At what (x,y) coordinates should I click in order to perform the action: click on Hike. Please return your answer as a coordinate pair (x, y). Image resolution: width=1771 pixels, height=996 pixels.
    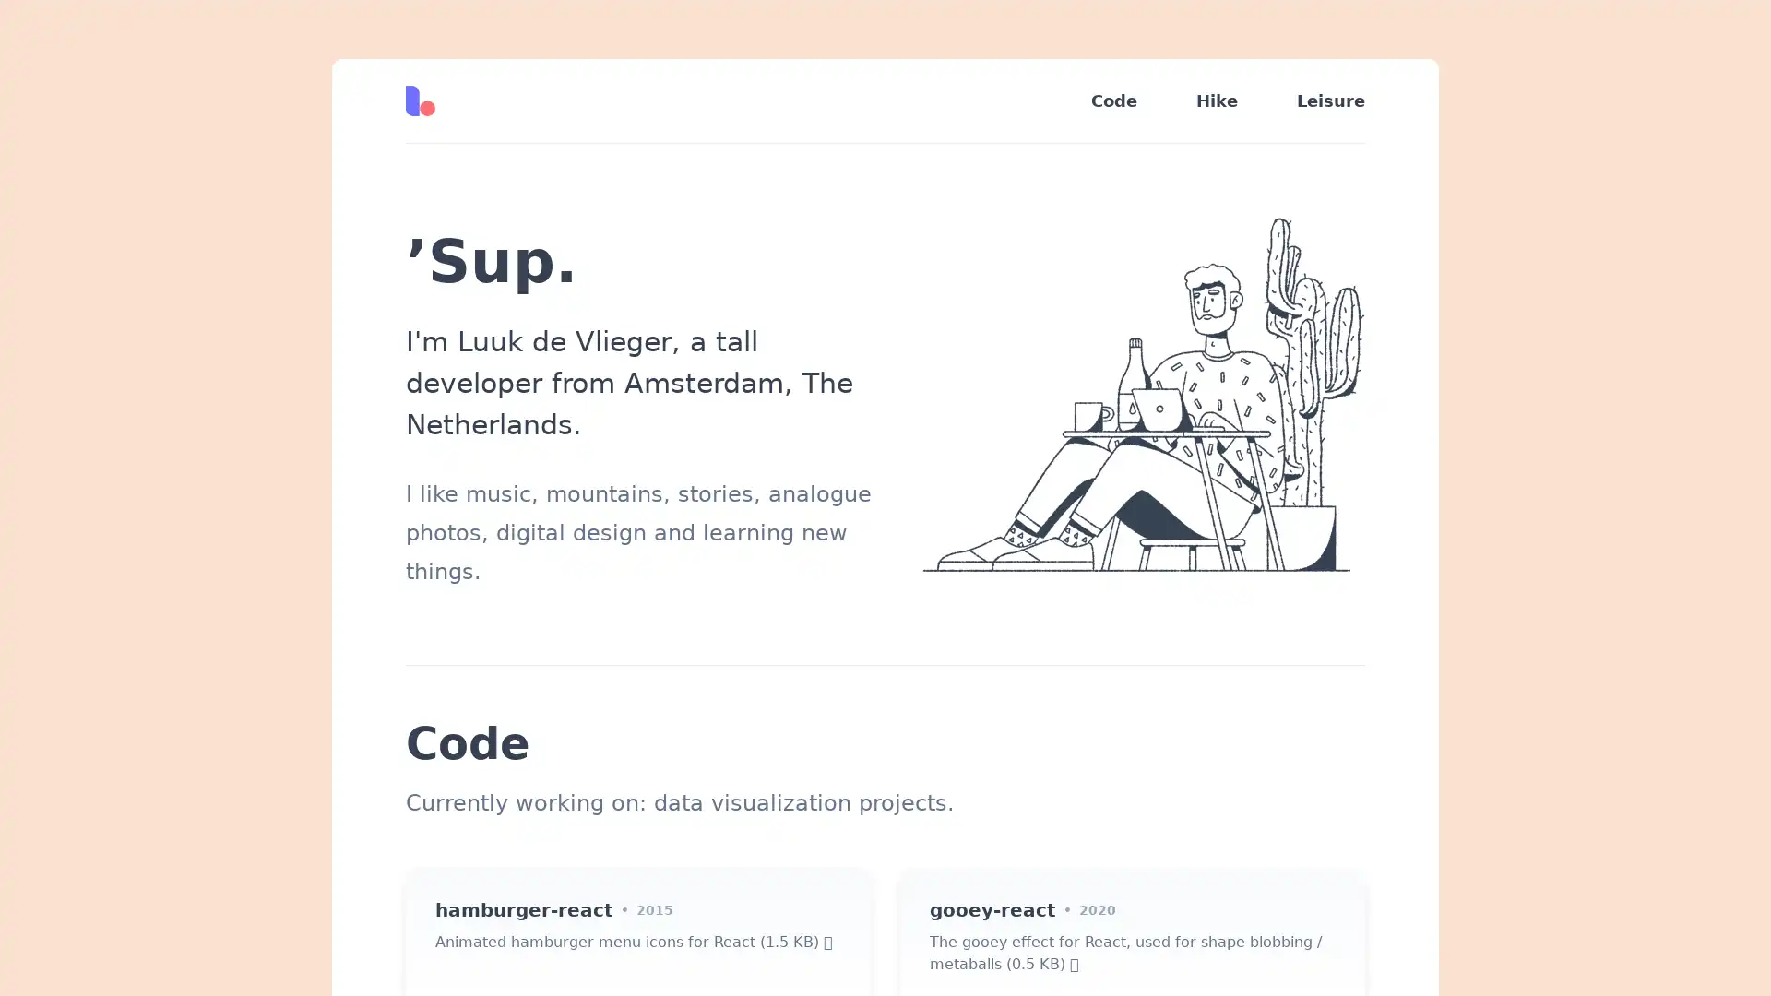
    Looking at the image, I should click on (1217, 101).